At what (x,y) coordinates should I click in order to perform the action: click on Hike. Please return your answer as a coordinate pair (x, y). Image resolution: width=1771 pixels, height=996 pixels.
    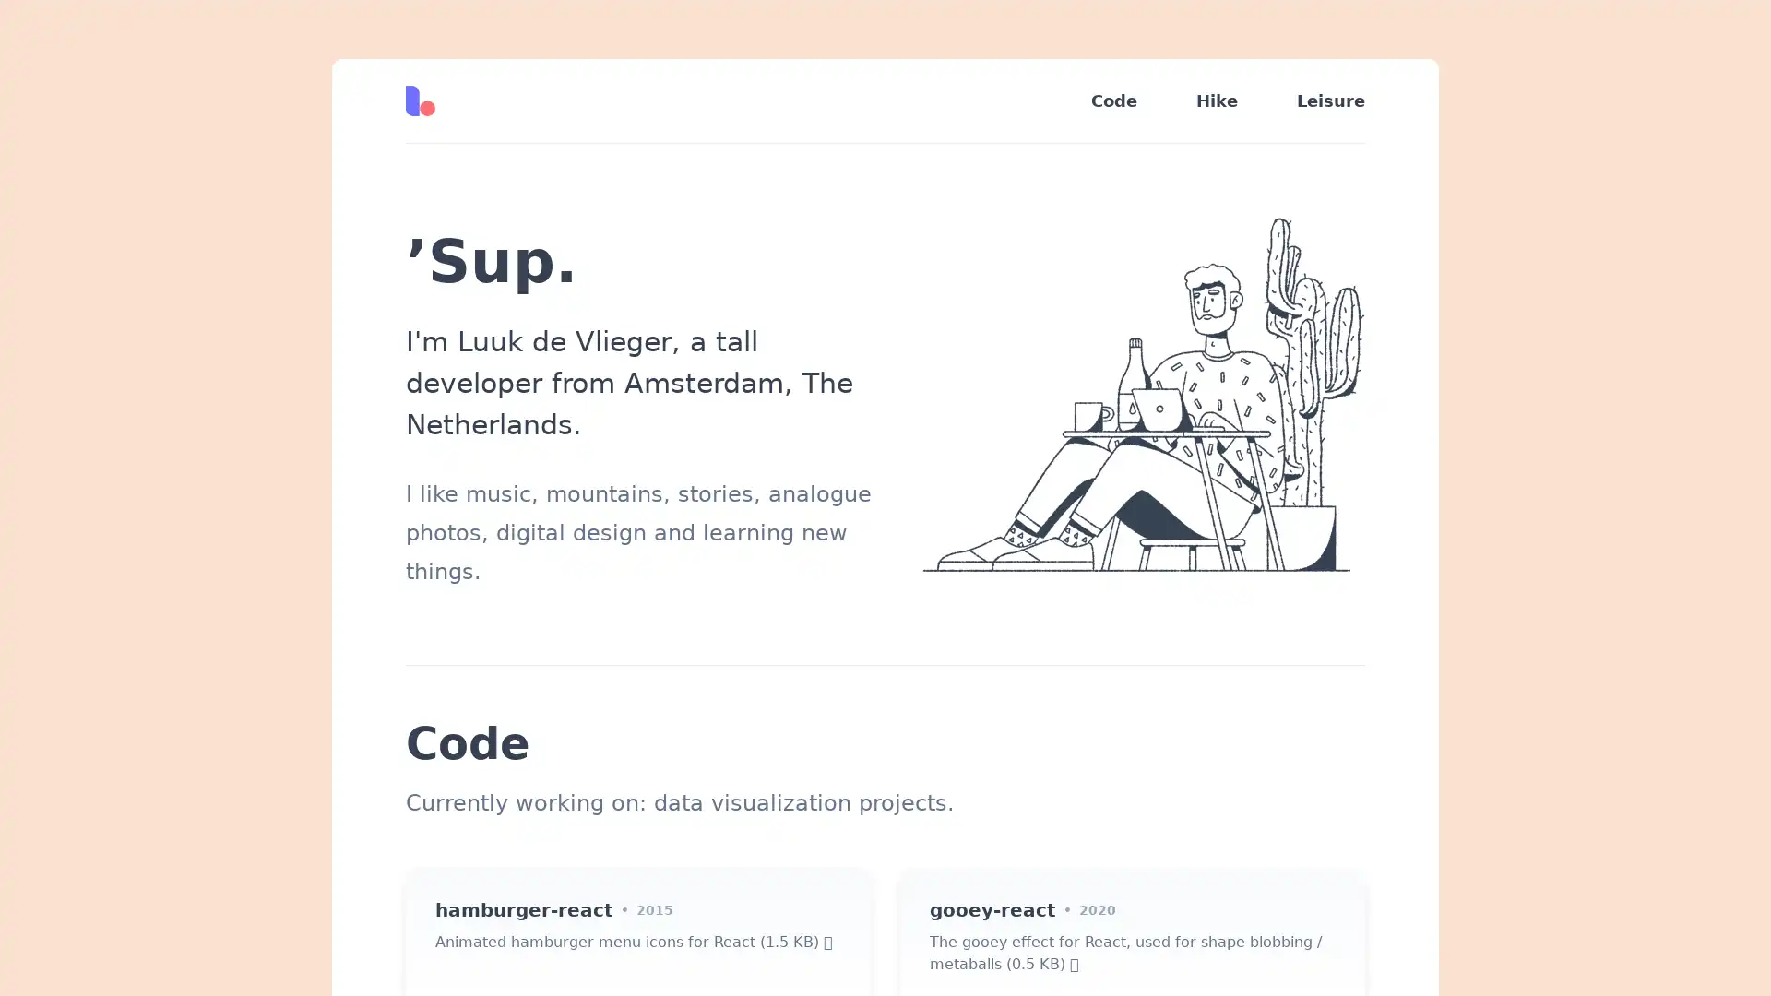
    Looking at the image, I should click on (1217, 101).